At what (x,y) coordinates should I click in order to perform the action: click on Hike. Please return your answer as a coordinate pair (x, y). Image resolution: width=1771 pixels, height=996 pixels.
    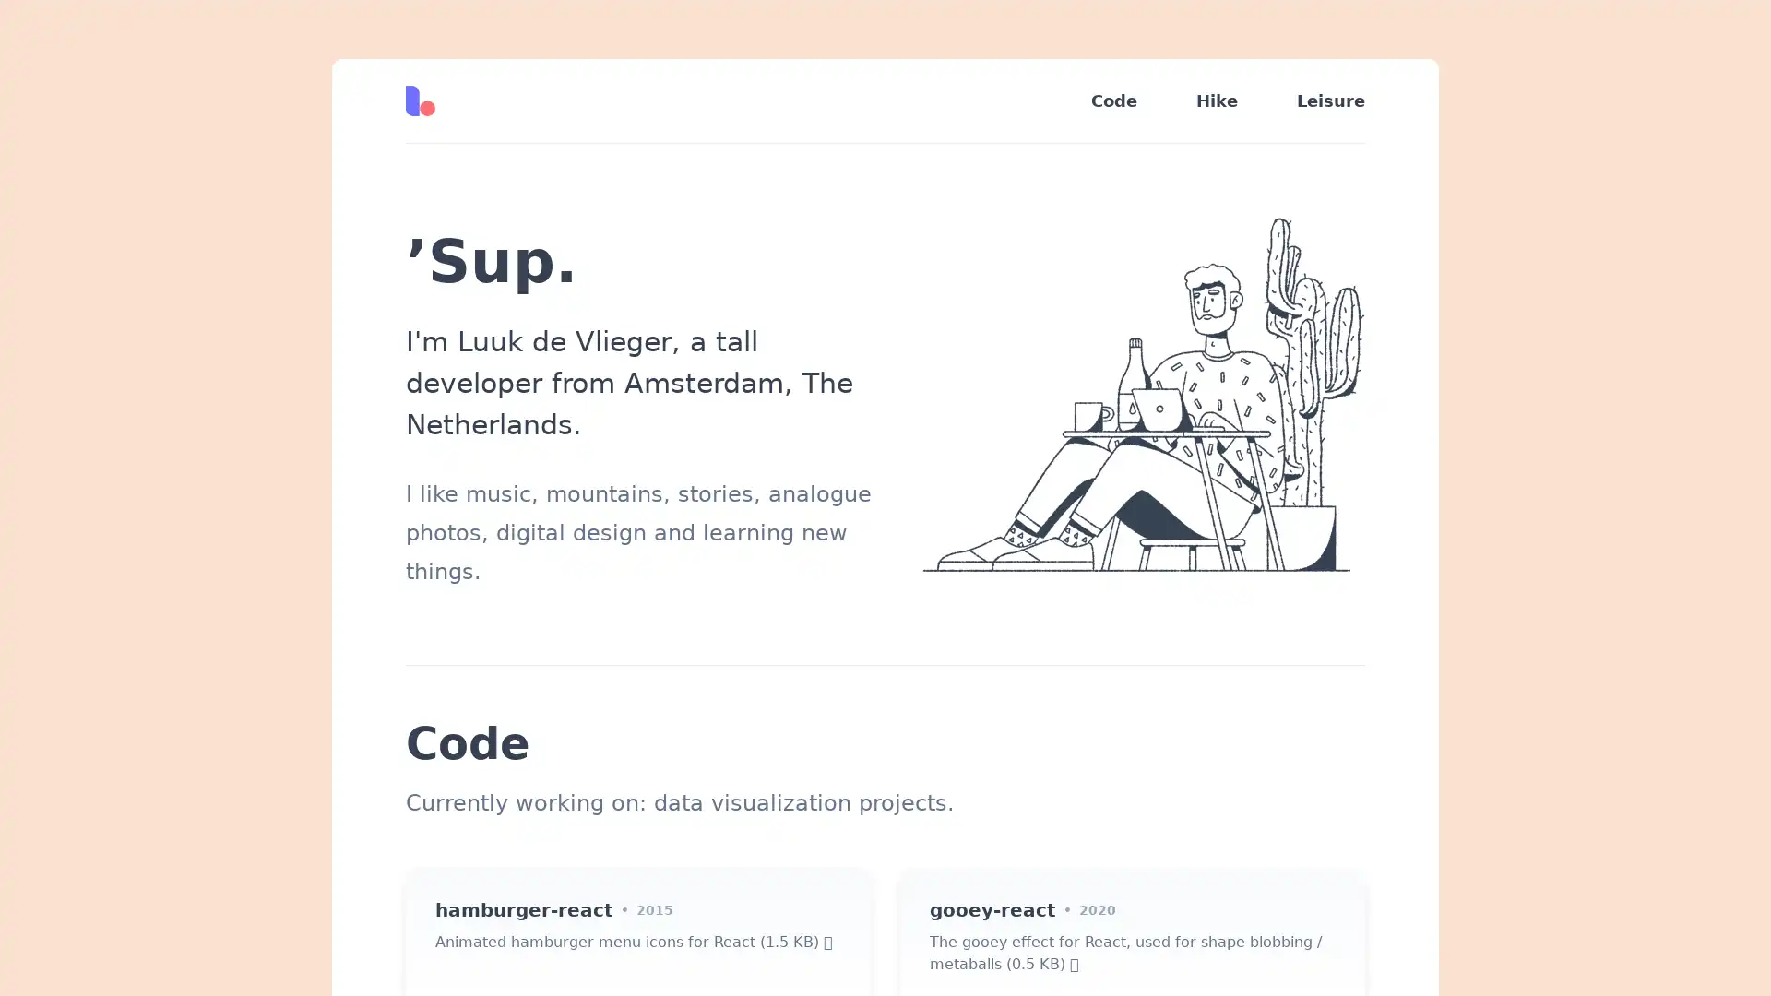
    Looking at the image, I should click on (1217, 101).